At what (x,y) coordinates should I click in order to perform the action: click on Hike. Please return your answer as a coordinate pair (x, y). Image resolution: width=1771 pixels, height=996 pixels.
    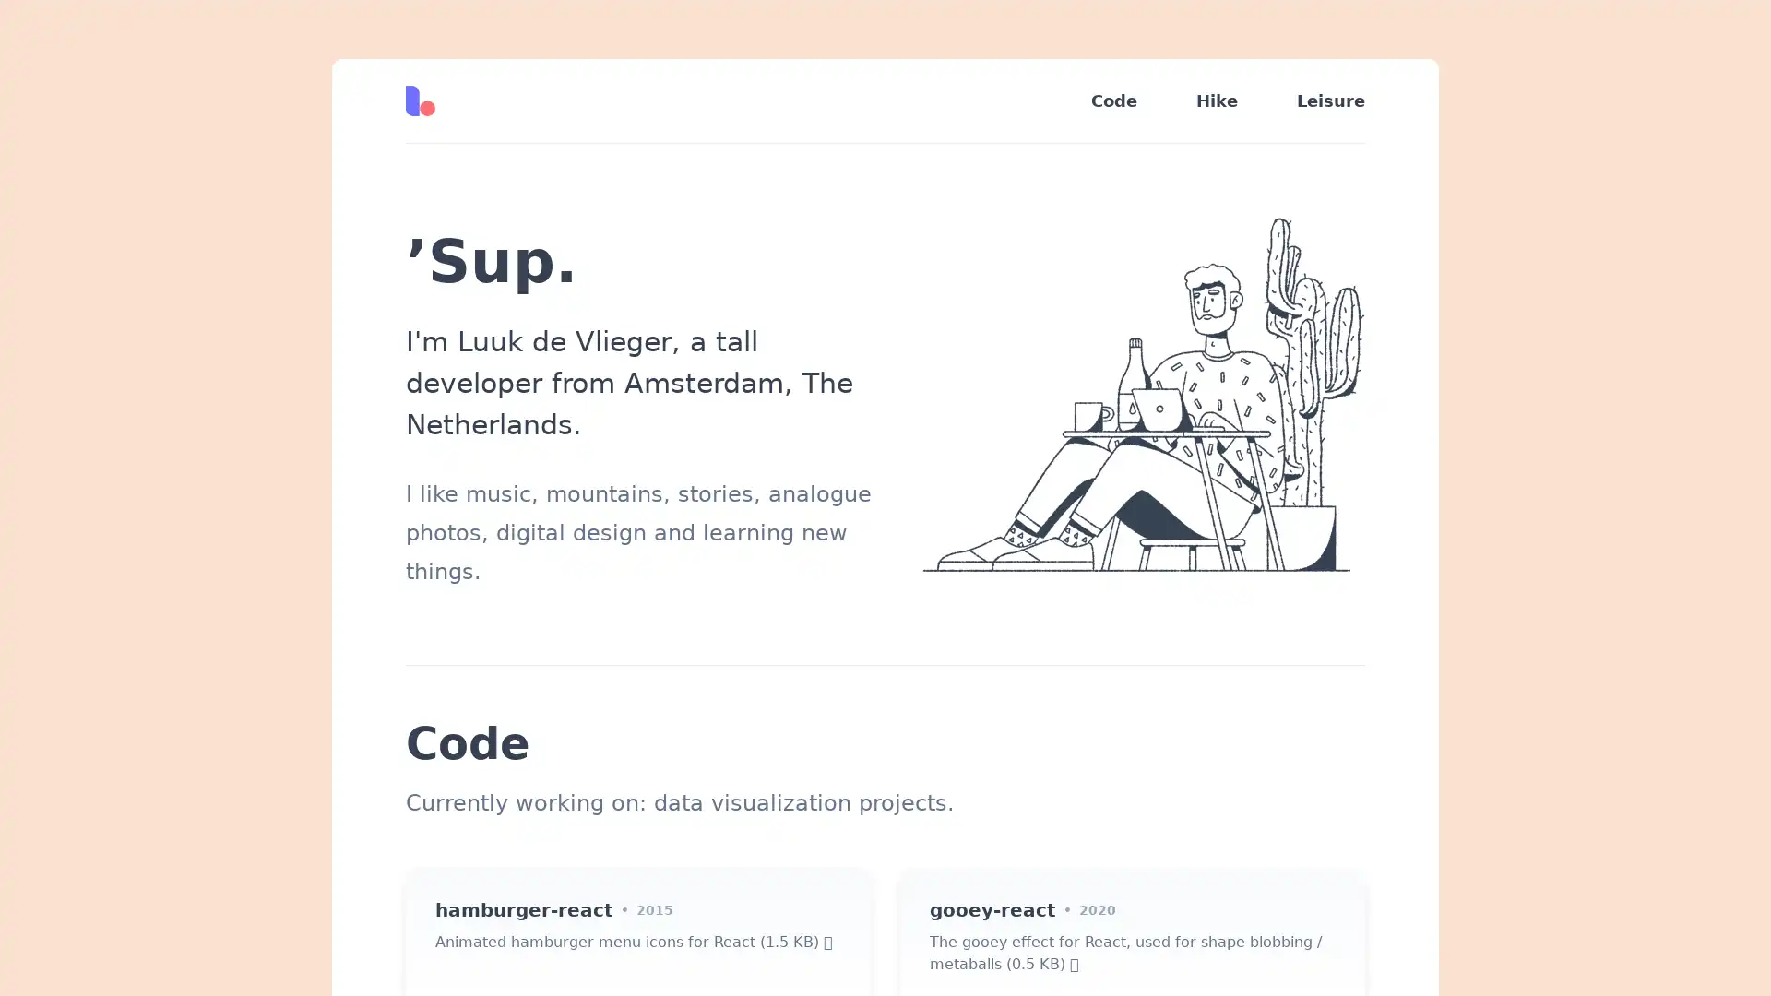
    Looking at the image, I should click on (1217, 101).